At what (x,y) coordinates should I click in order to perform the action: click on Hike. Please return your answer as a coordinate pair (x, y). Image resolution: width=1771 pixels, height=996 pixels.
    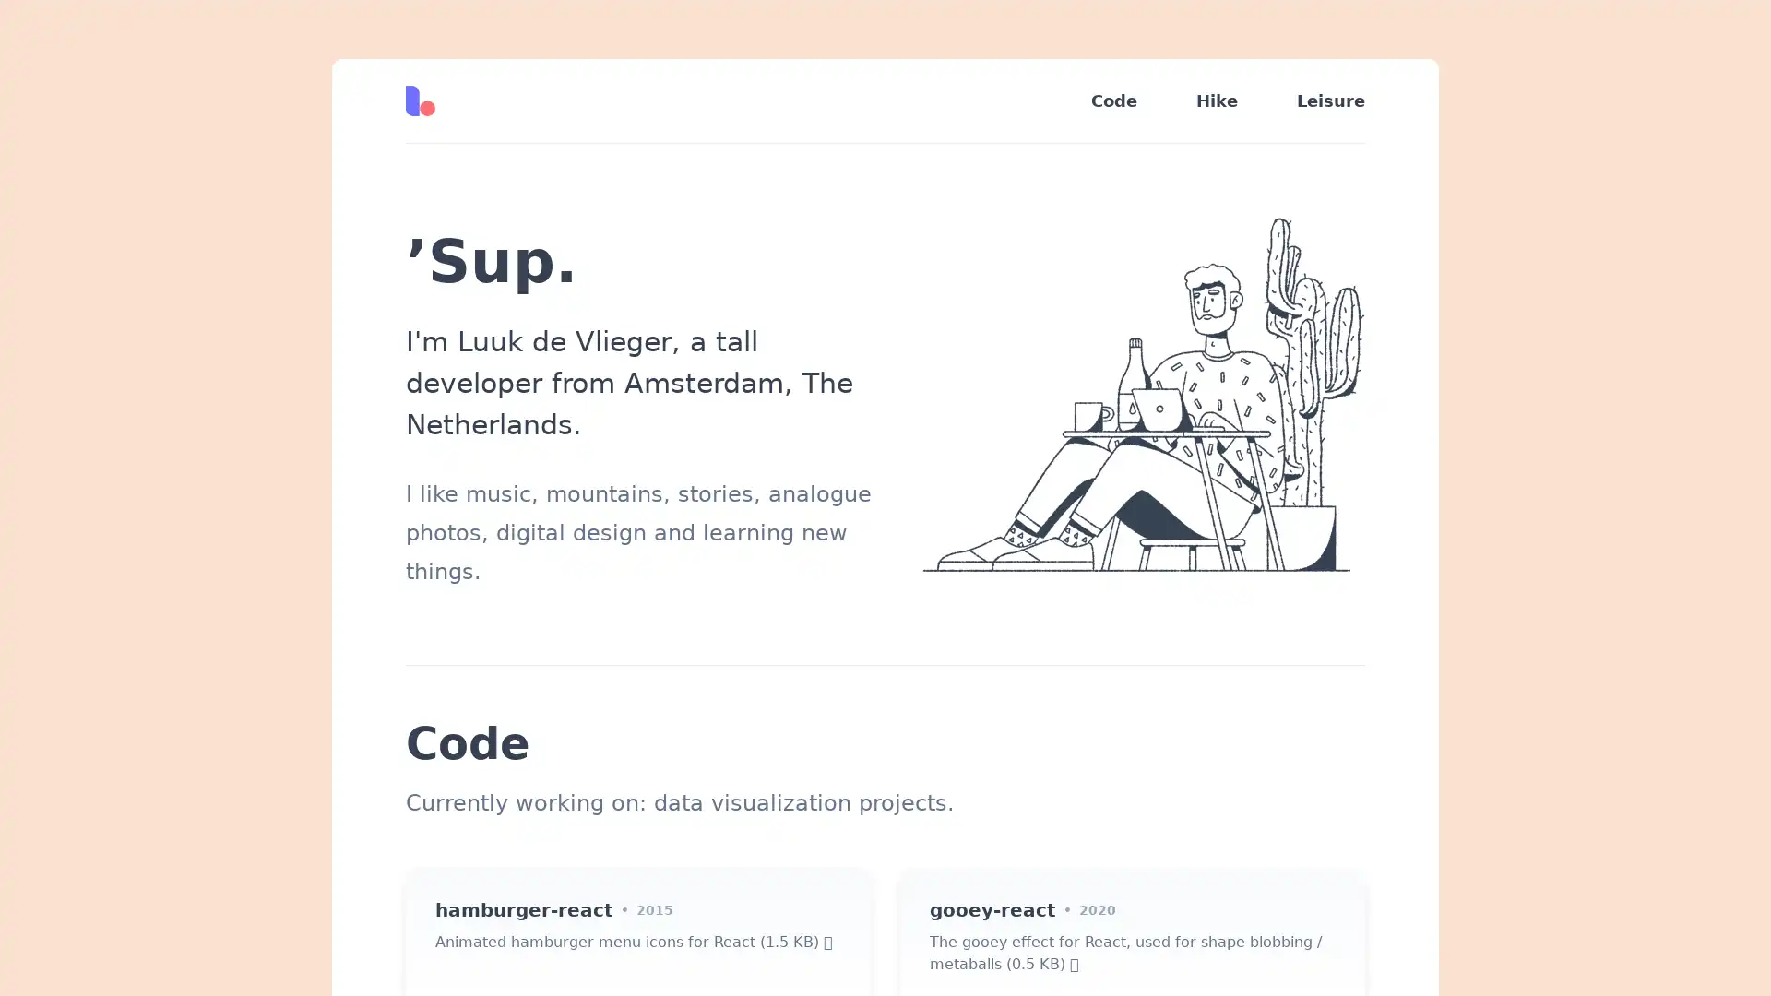
    Looking at the image, I should click on (1217, 101).